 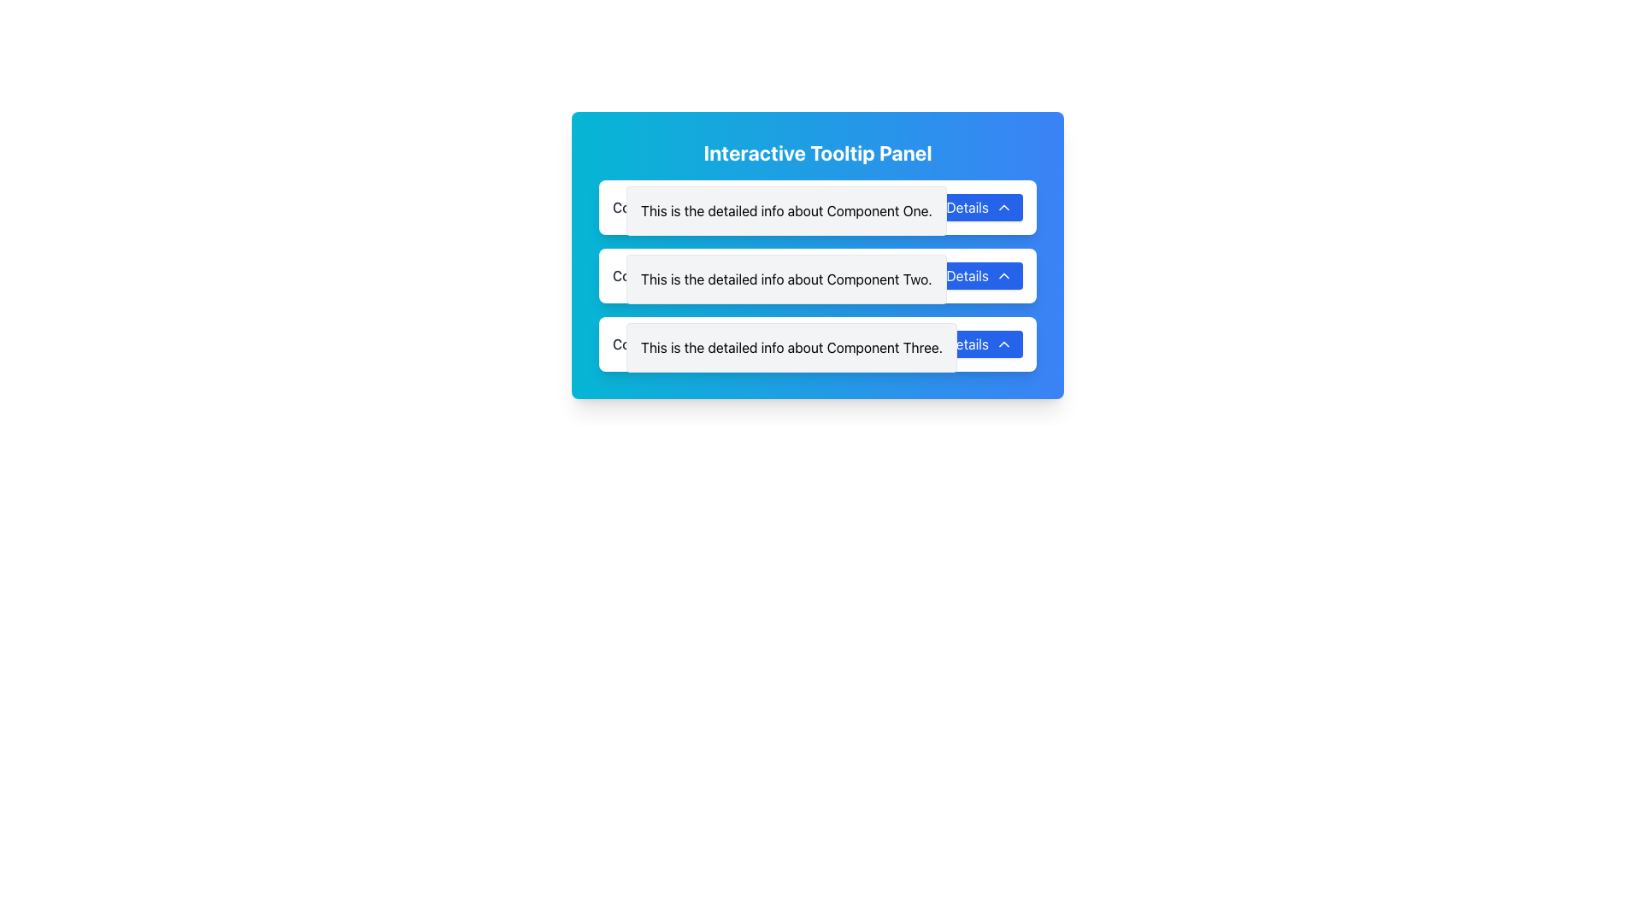 I want to click on information presented in the informational text panel located under 'Component Three' and adjacent to the blue 'Details' button, so click(x=791, y=347).